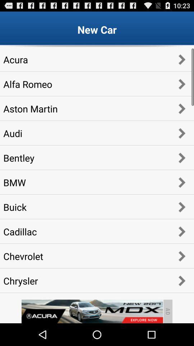 Image resolution: width=194 pixels, height=346 pixels. I want to click on click advertisement, so click(92, 311).